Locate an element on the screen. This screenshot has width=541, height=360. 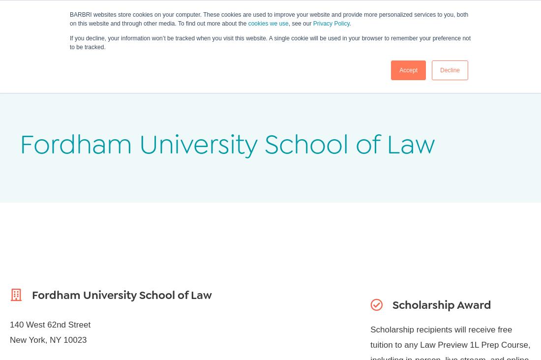
'|' is located at coordinates (498, 9).